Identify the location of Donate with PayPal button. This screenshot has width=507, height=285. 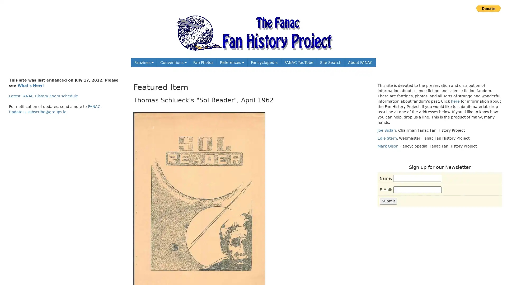
(488, 8).